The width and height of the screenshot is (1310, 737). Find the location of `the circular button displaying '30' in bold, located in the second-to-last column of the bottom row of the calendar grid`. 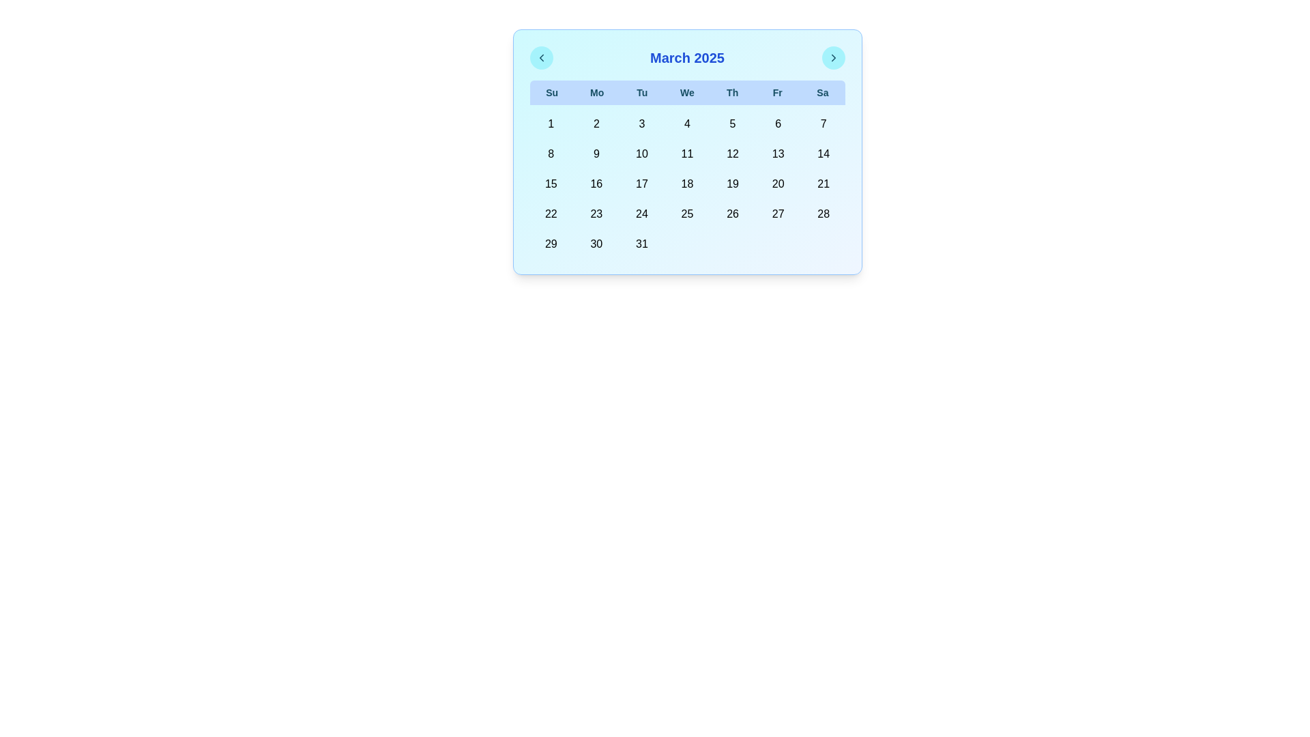

the circular button displaying '30' in bold, located in the second-to-last column of the bottom row of the calendar grid is located at coordinates (596, 244).